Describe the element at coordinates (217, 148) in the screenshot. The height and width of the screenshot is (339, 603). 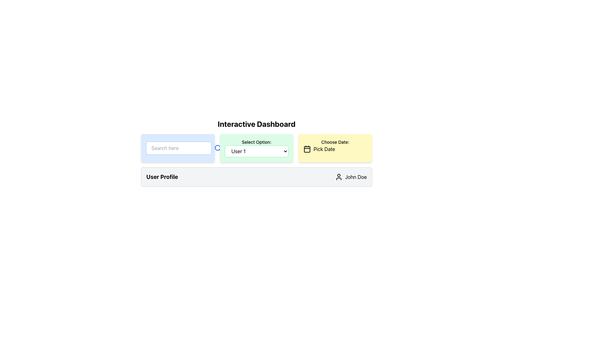
I see `the small circle with a blue outline located at the center of the magnifying glass of the search icon, which is positioned to the right of the search input field labeled 'Search here'` at that location.